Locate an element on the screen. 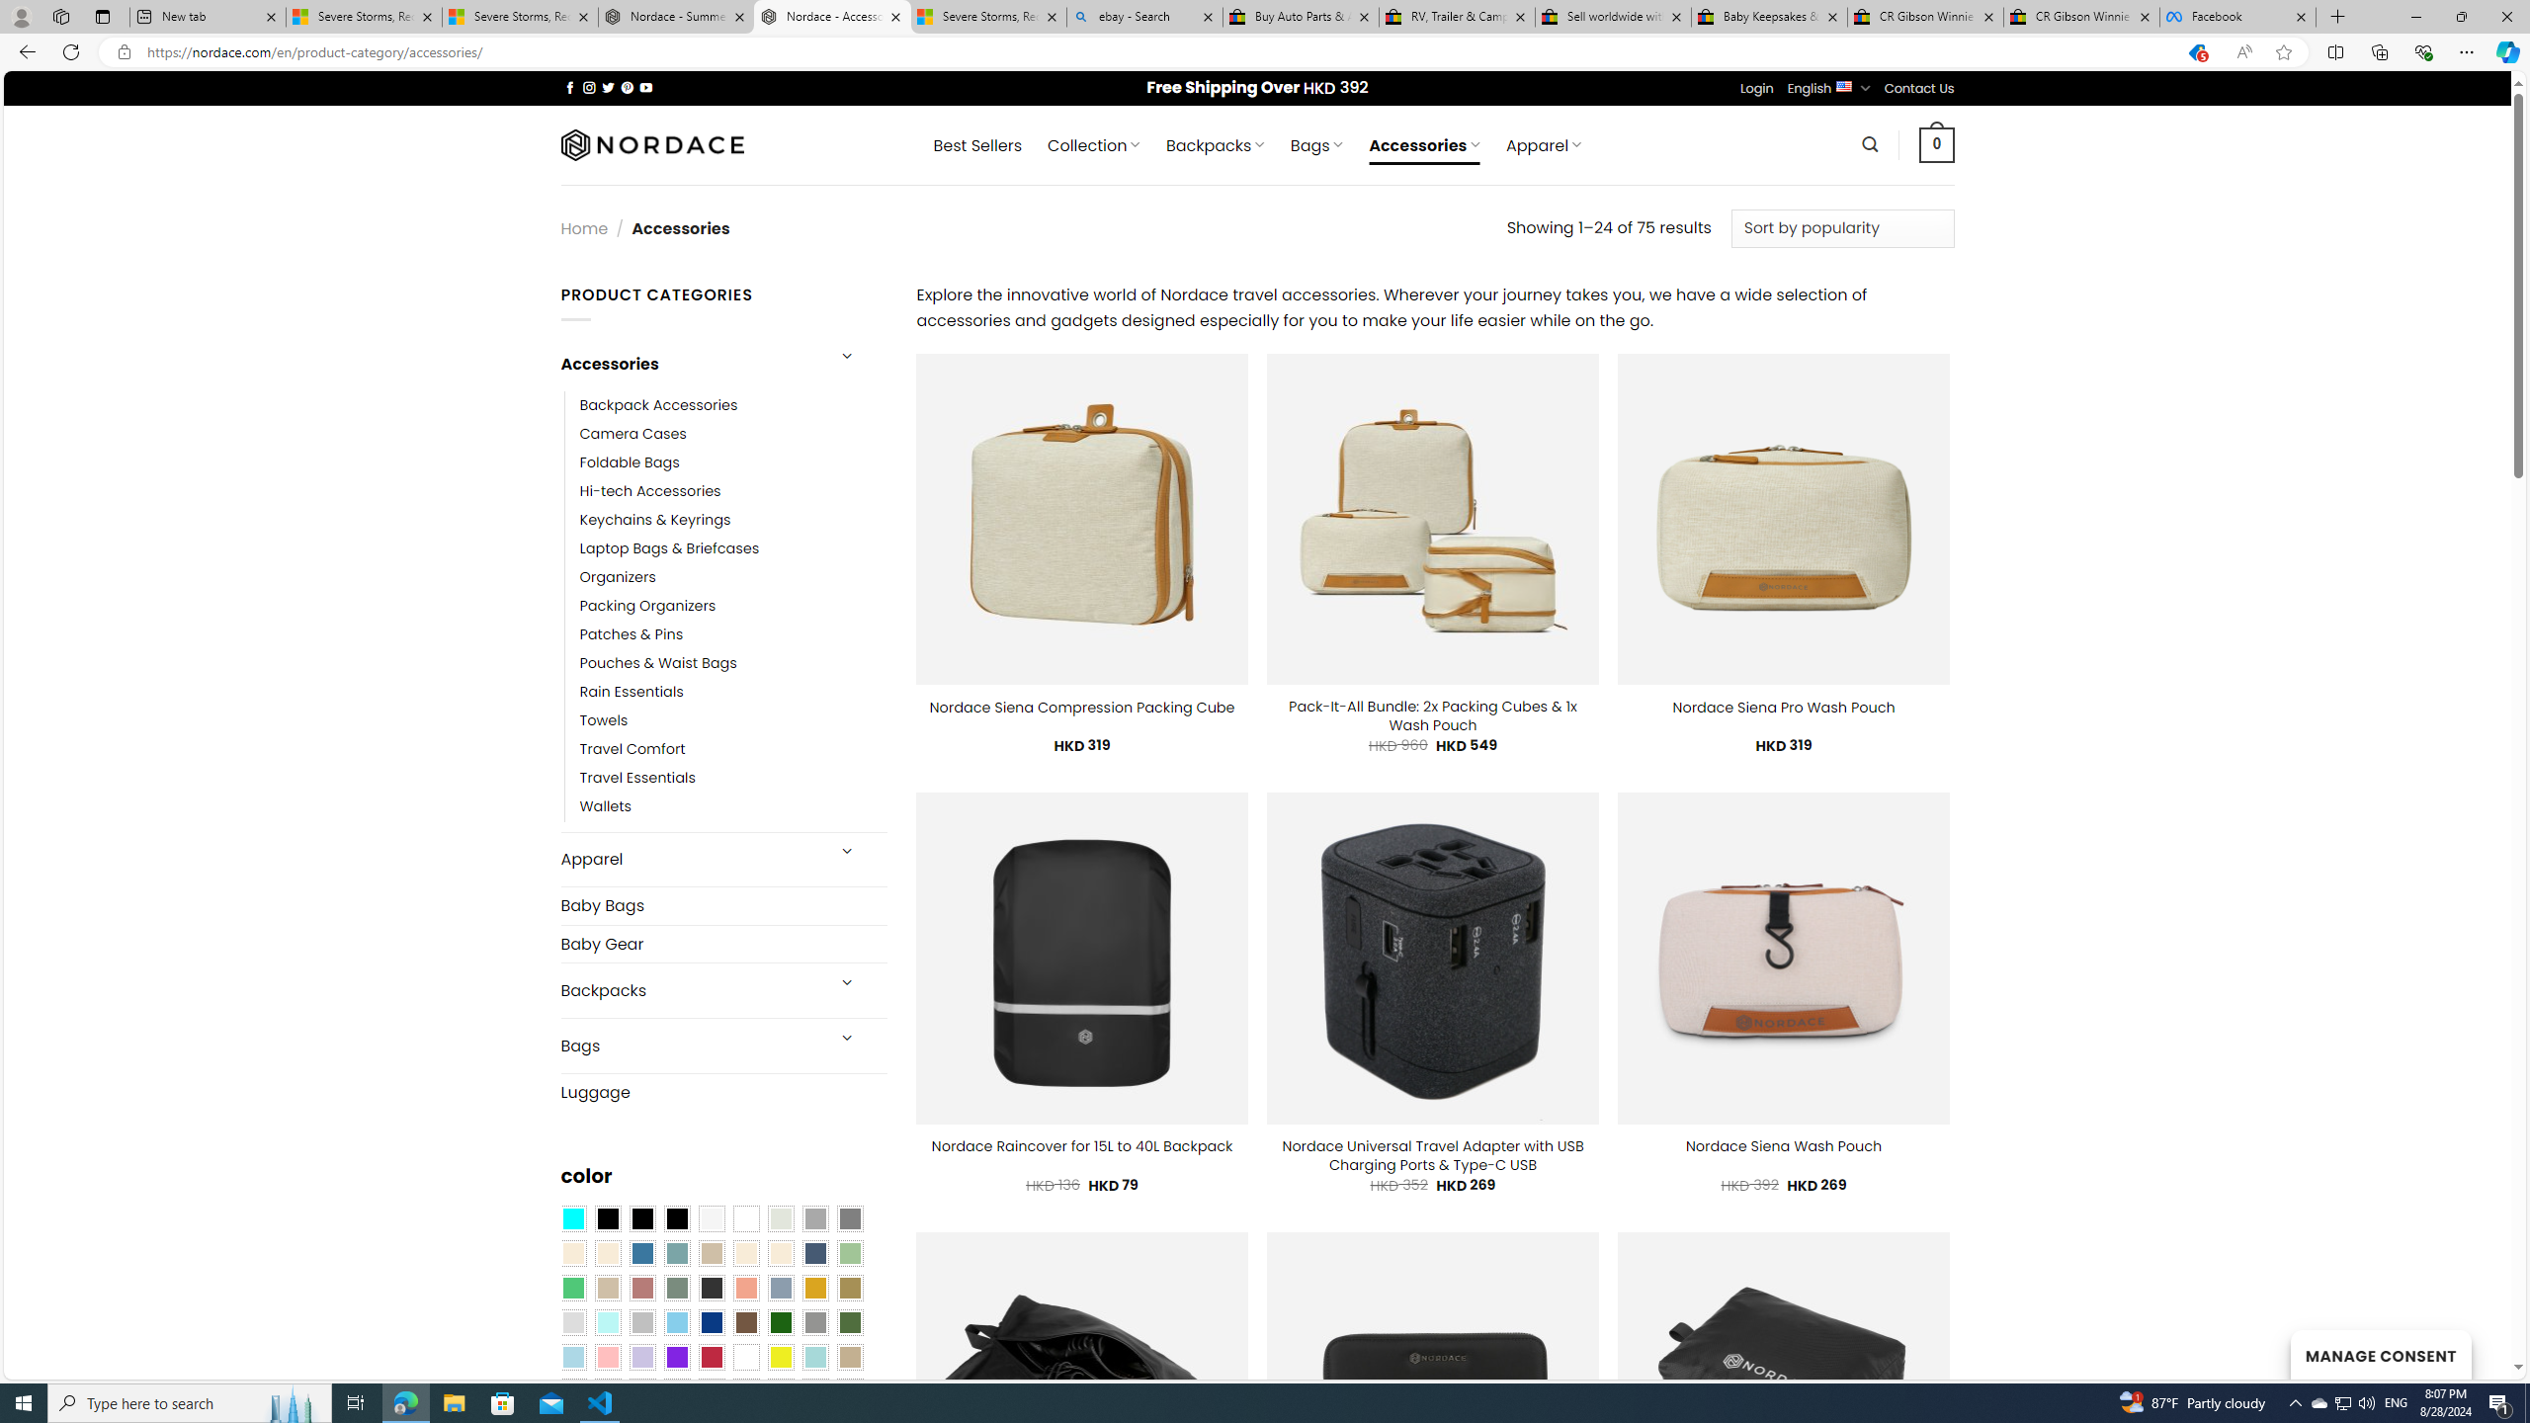 This screenshot has width=2530, height=1423. 'Rain Essentials' is located at coordinates (732, 692).